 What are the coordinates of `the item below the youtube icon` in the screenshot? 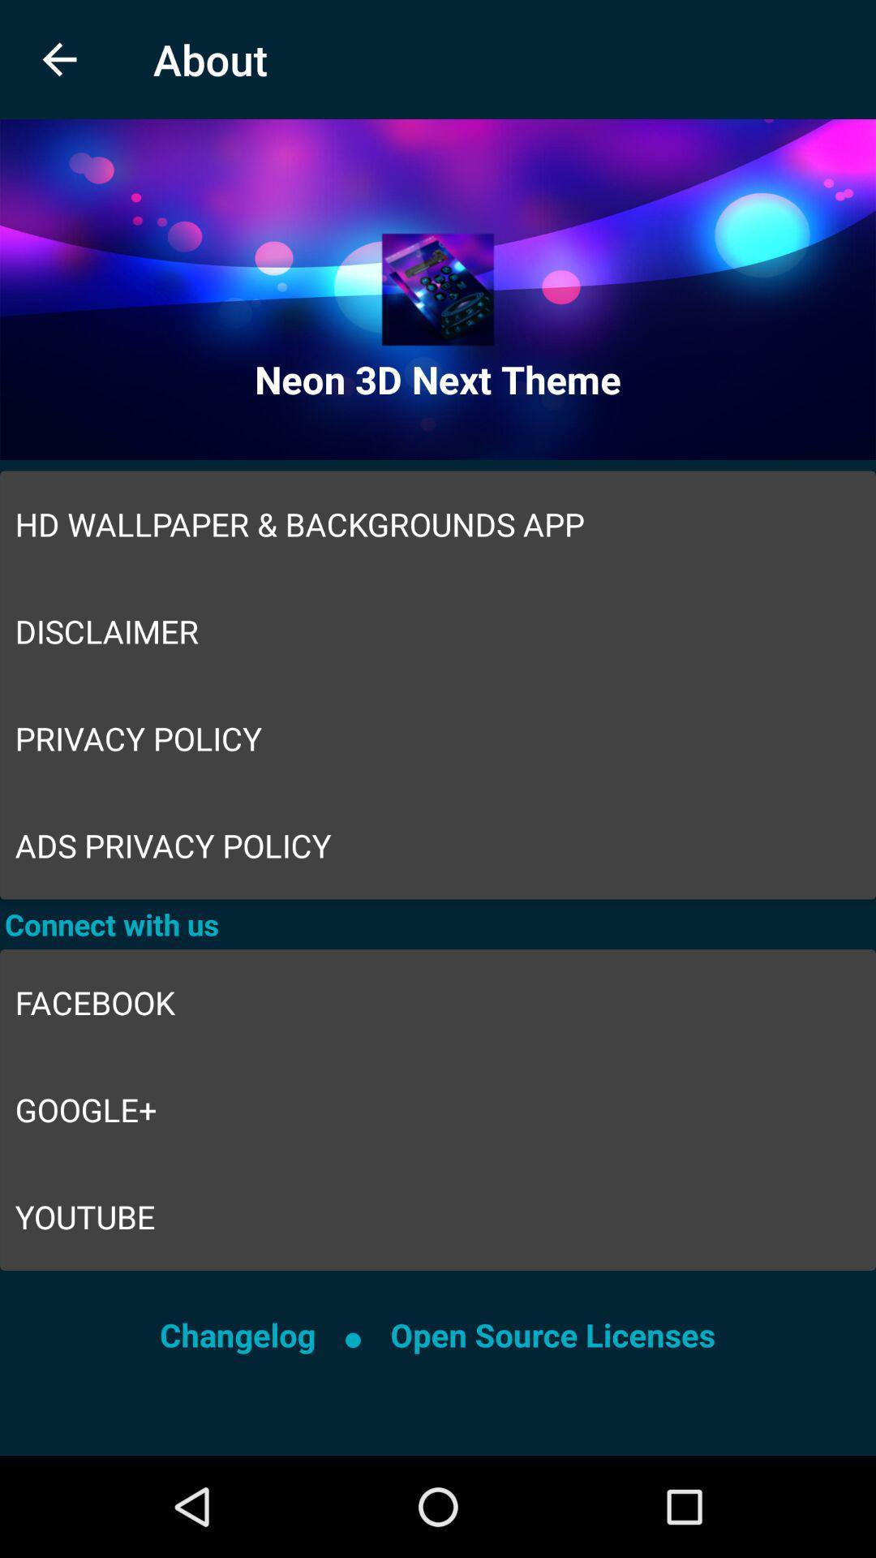 It's located at (552, 1335).